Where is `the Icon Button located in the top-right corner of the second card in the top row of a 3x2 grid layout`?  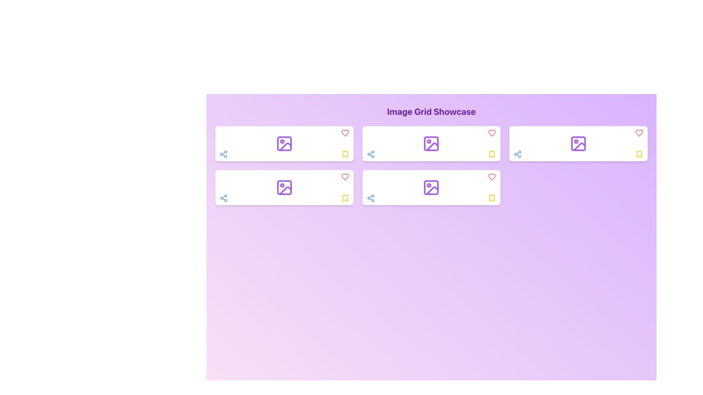 the Icon Button located in the top-right corner of the second card in the top row of a 3x2 grid layout is located at coordinates (492, 177).